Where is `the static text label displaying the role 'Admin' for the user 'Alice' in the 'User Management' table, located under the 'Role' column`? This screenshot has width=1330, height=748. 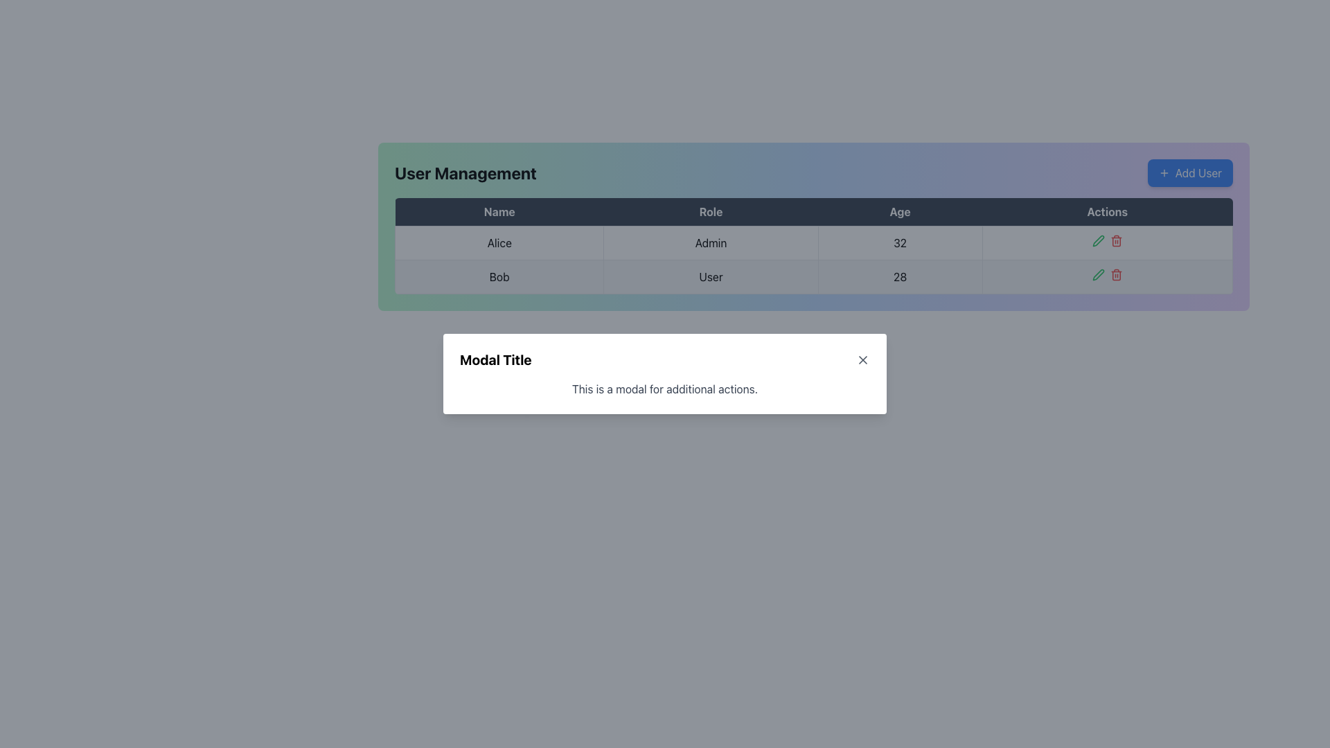 the static text label displaying the role 'Admin' for the user 'Alice' in the 'User Management' table, located under the 'Role' column is located at coordinates (711, 242).